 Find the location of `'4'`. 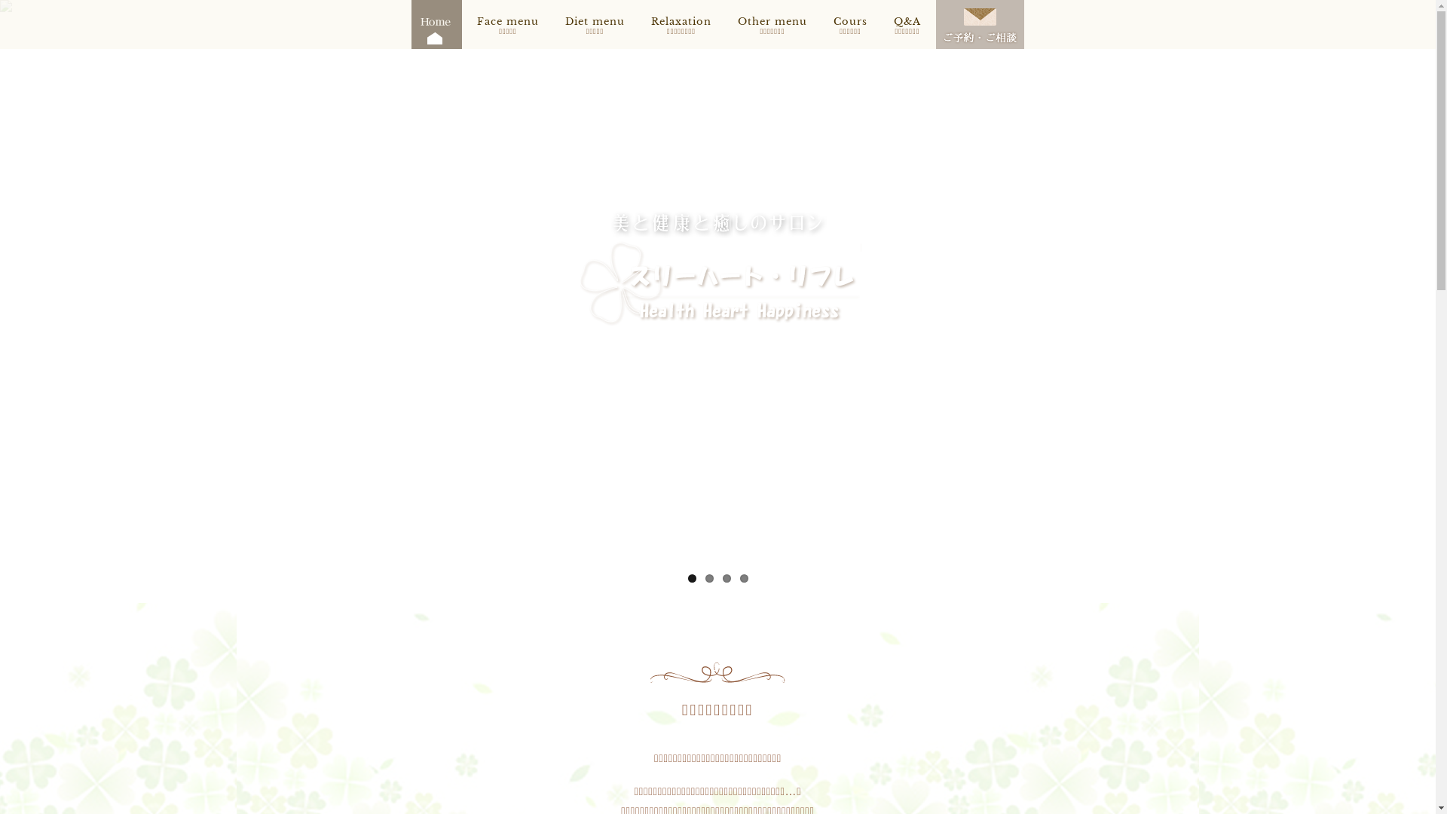

'4' is located at coordinates (744, 577).